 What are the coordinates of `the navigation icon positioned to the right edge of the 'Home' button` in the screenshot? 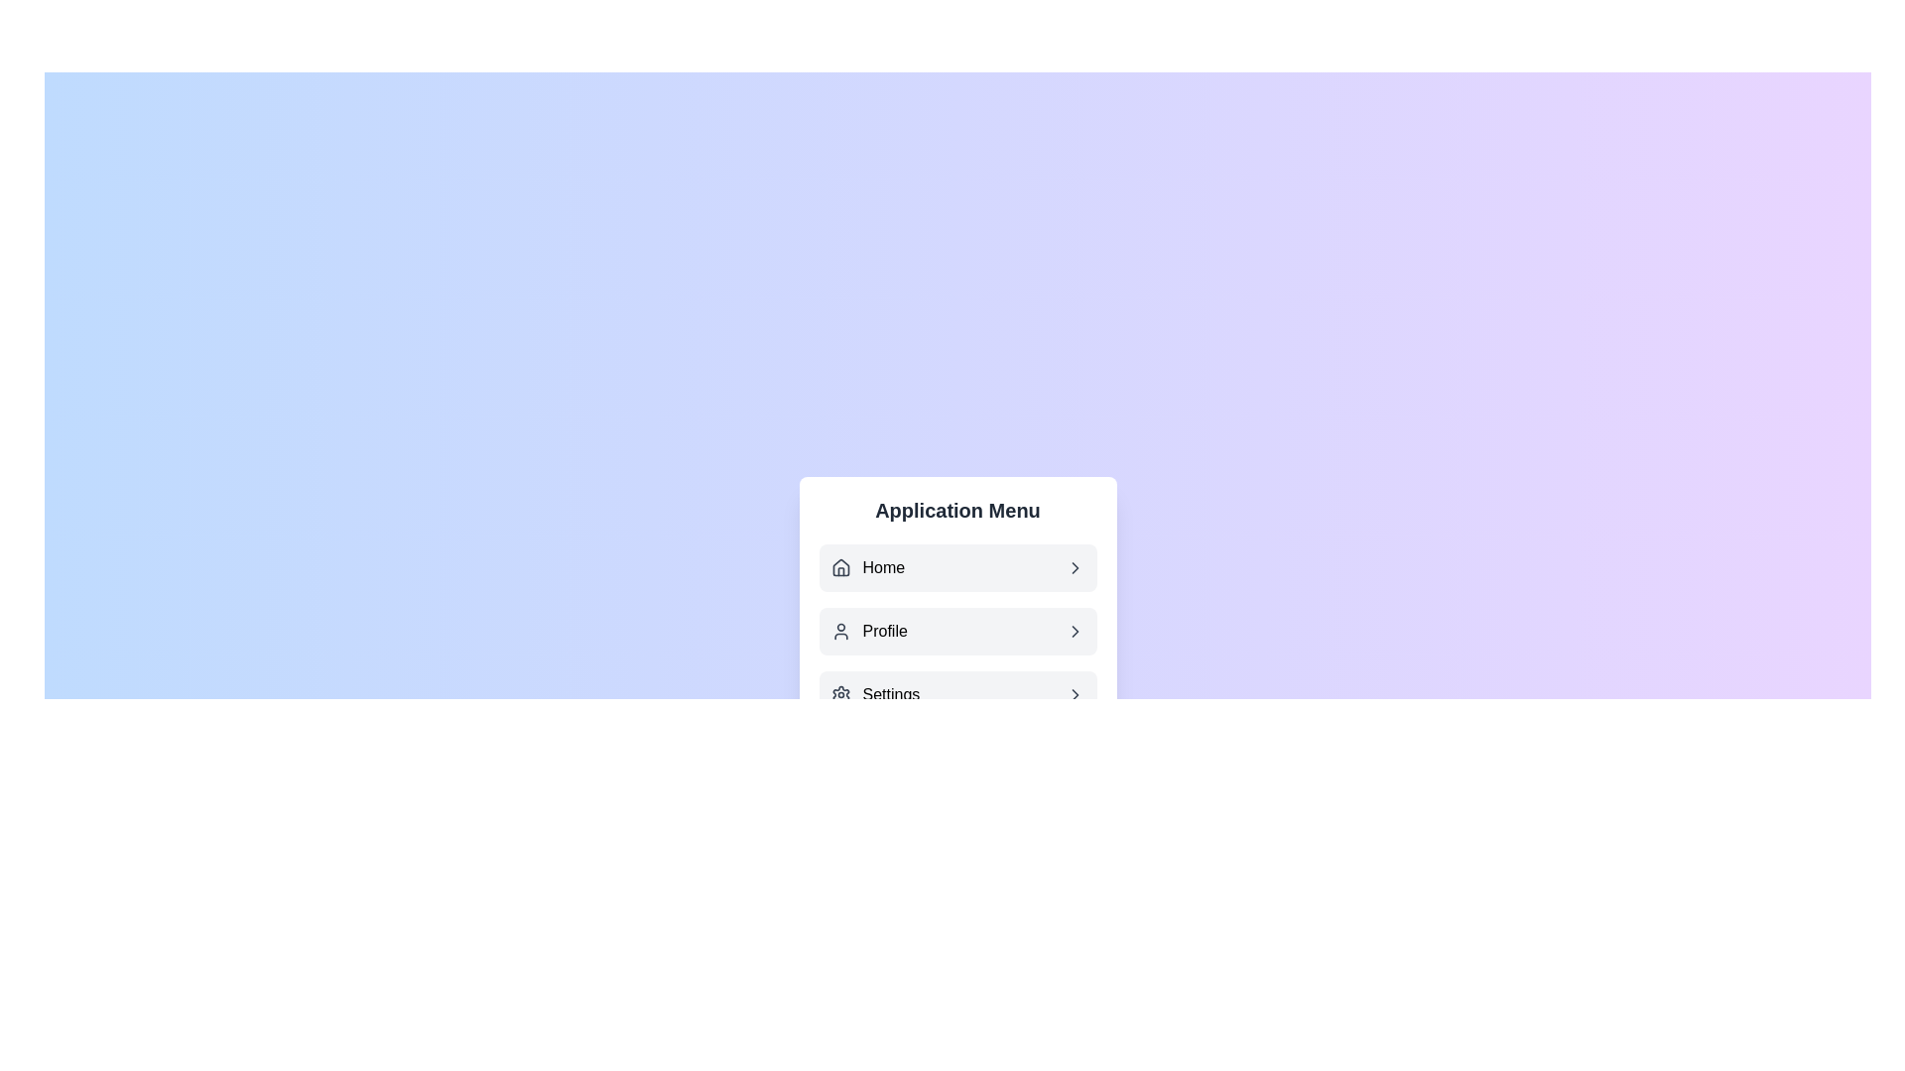 It's located at (1074, 568).